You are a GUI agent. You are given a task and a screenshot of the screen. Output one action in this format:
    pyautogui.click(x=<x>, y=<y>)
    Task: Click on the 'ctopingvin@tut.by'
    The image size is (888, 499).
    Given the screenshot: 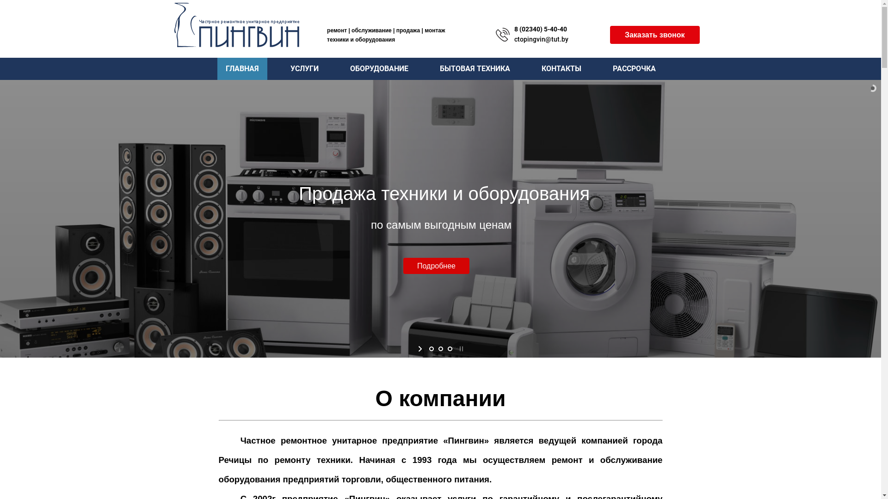 What is the action you would take?
    pyautogui.click(x=541, y=38)
    